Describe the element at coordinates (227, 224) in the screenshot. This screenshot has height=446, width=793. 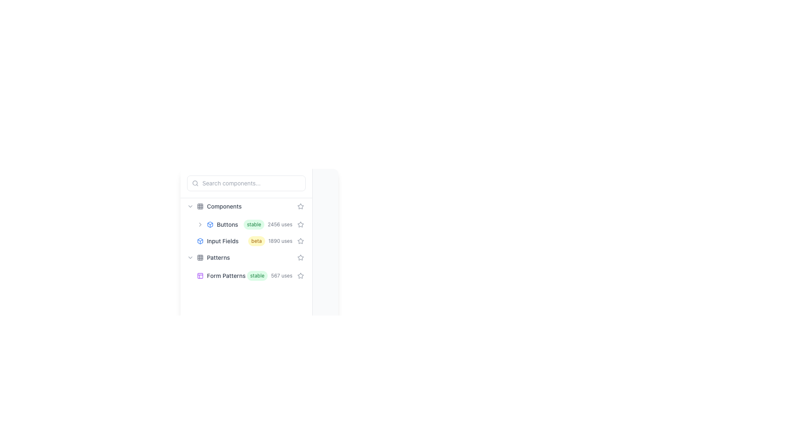
I see `the 'Buttons' text label under the 'Components' section, which identifies the category of related elements` at that location.